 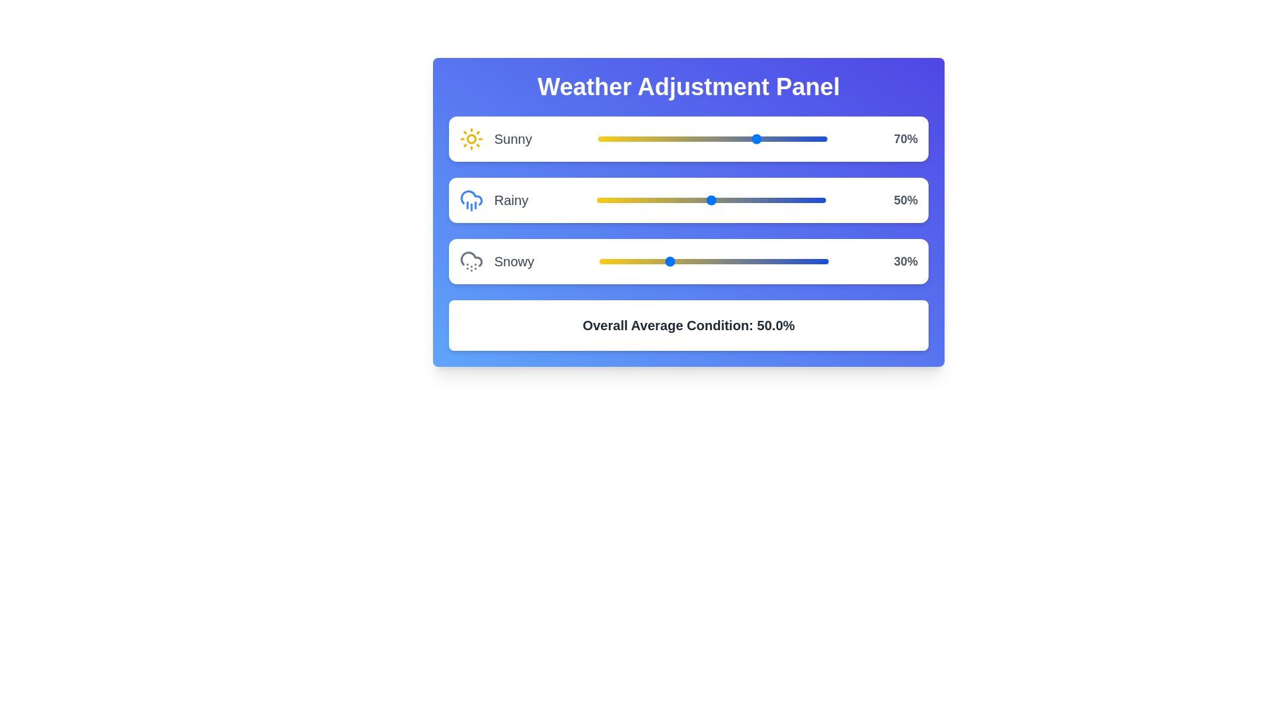 I want to click on the value of the slider, so click(x=684, y=262).